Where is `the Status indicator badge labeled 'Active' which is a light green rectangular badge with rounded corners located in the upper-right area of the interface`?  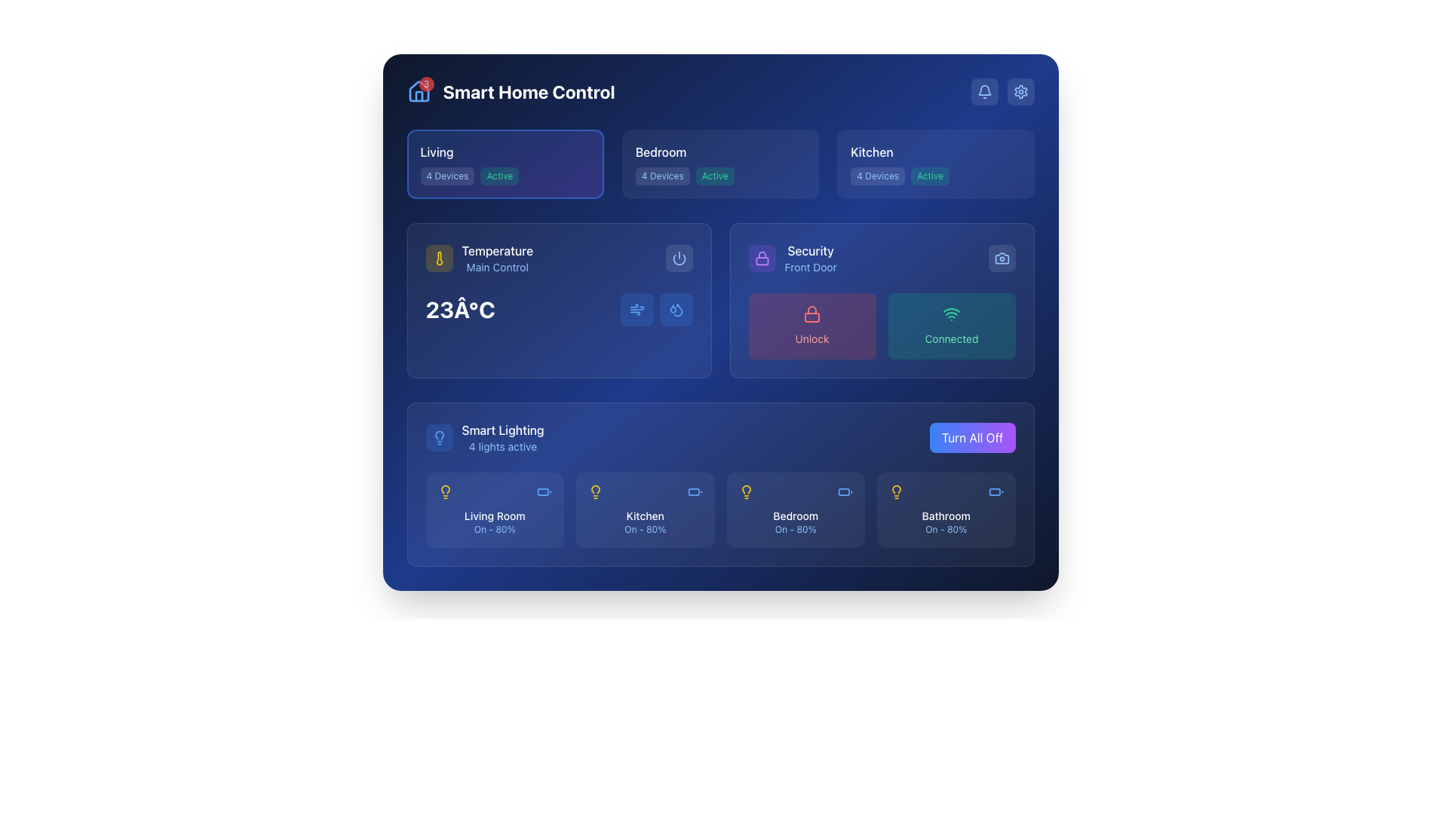
the Status indicator badge labeled 'Active' which is a light green rectangular badge with rounded corners located in the upper-right area of the interface is located at coordinates (934, 164).